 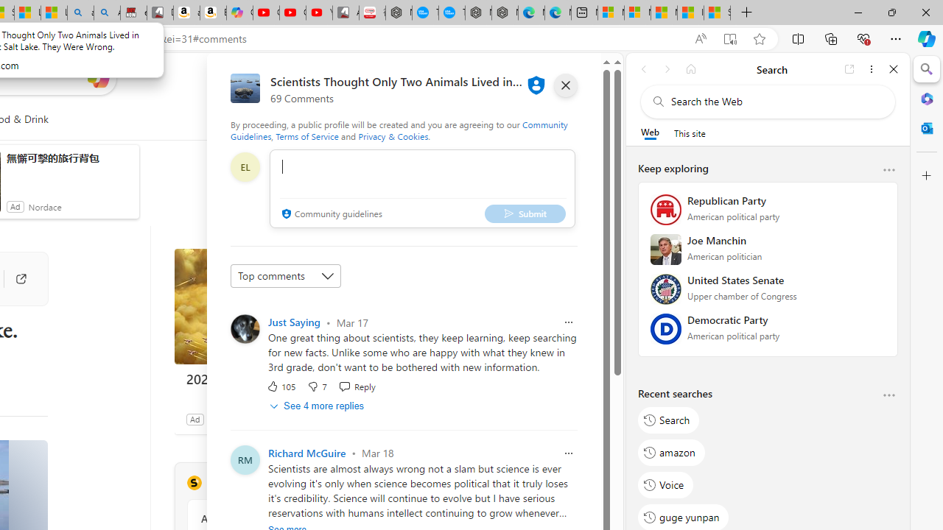 I want to click on 'Microsoft Start', so click(x=663, y=13).